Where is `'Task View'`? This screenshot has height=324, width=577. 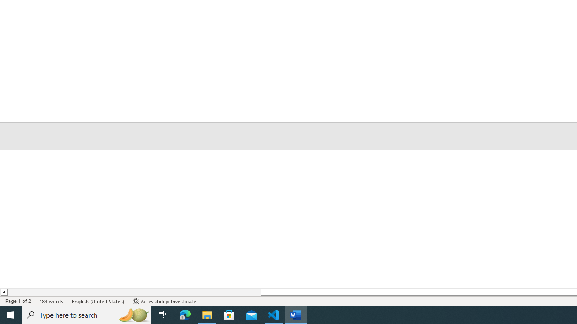 'Task View' is located at coordinates (162, 314).